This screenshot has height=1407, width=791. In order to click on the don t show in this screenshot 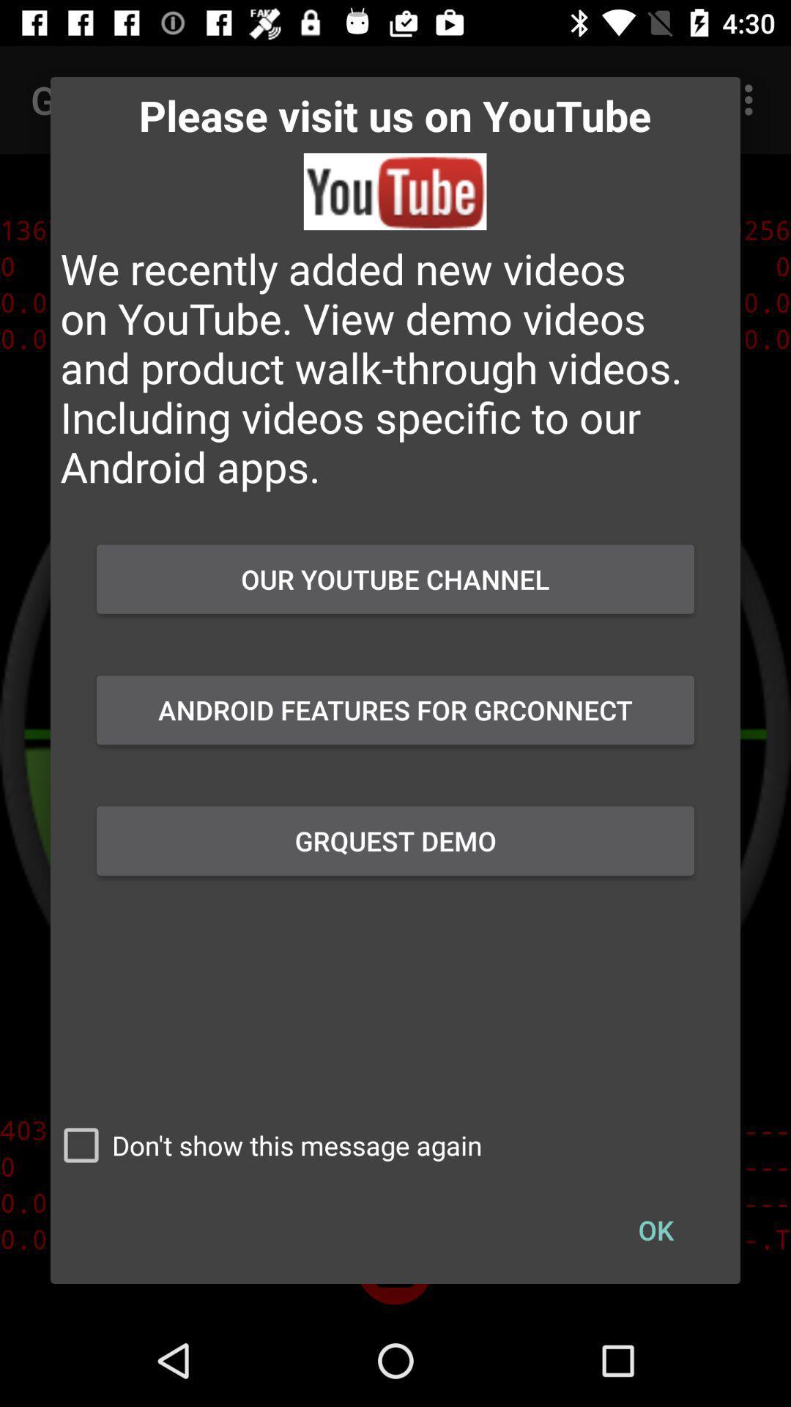, I will do `click(266, 1145)`.